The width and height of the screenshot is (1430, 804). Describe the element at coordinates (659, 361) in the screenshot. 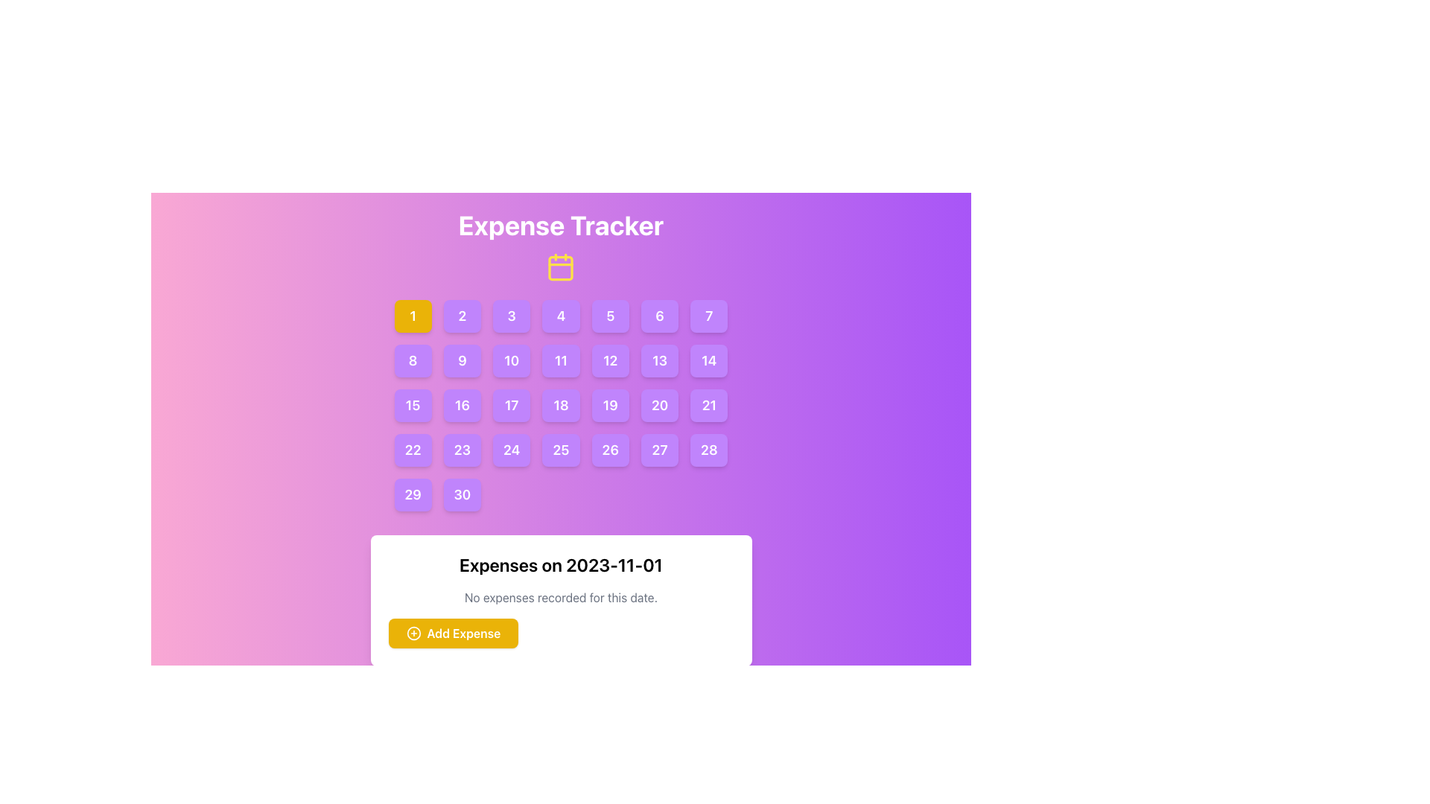

I see `the button representing the numeric date '13' in the calendar interface to change its color` at that location.